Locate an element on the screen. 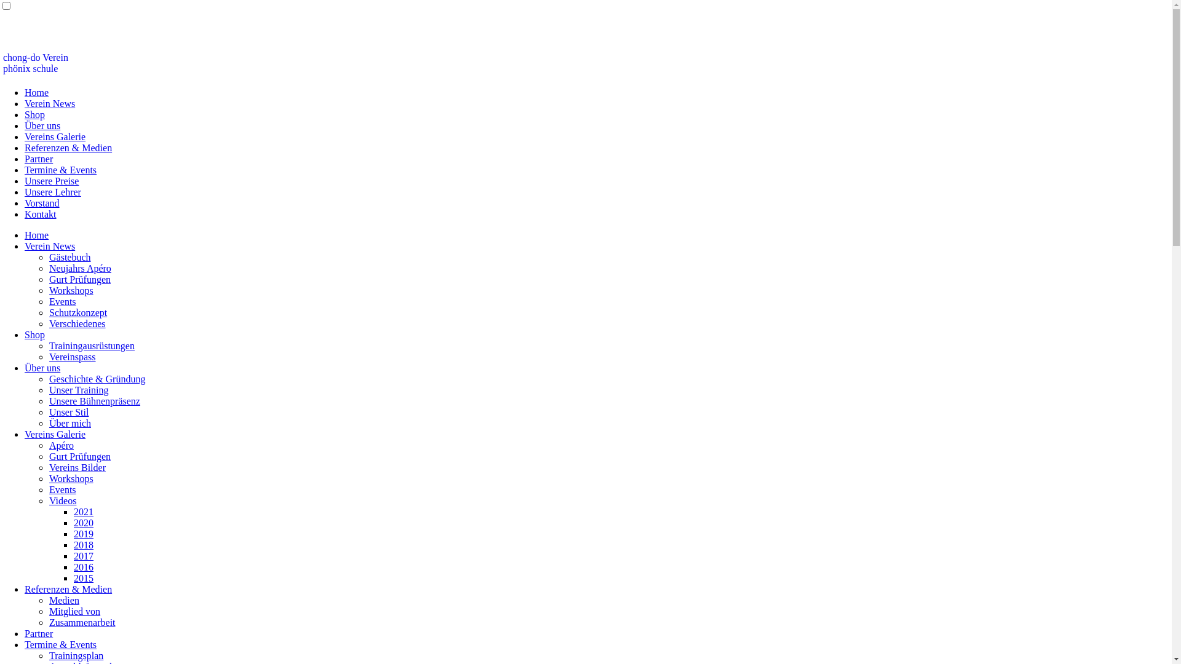 This screenshot has width=1181, height=664. 'Referenzen & Medien' is located at coordinates (24, 147).